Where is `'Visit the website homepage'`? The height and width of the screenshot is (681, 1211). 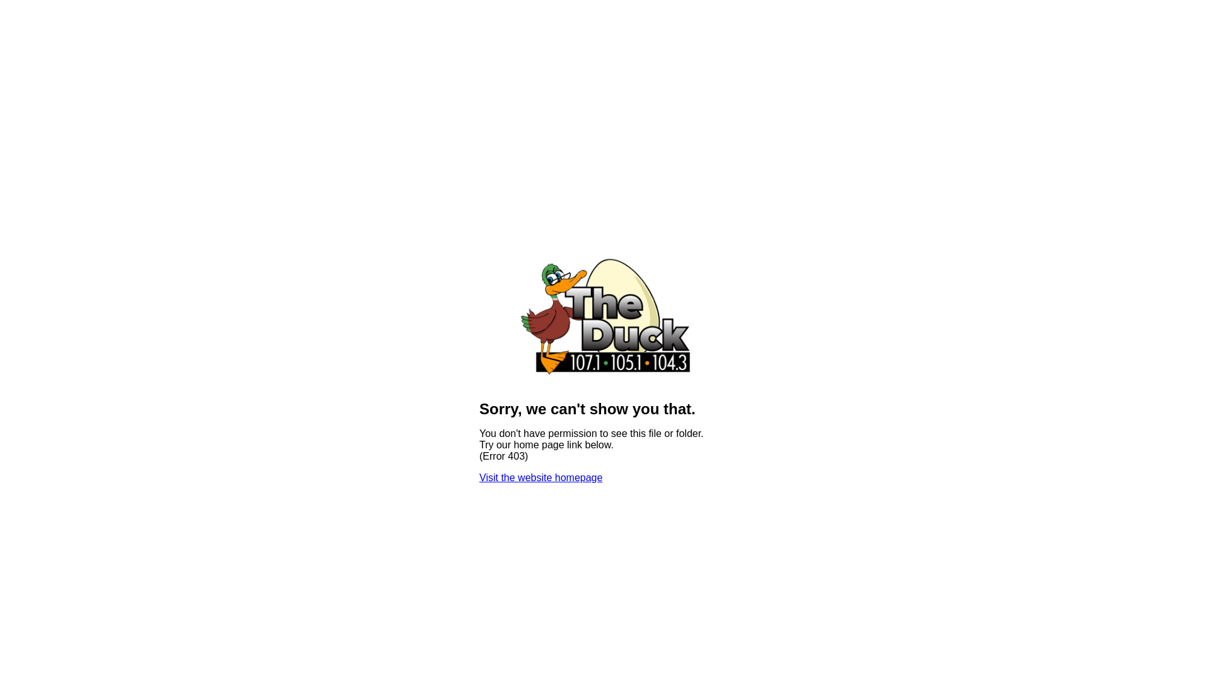
'Visit the website homepage' is located at coordinates (541, 477).